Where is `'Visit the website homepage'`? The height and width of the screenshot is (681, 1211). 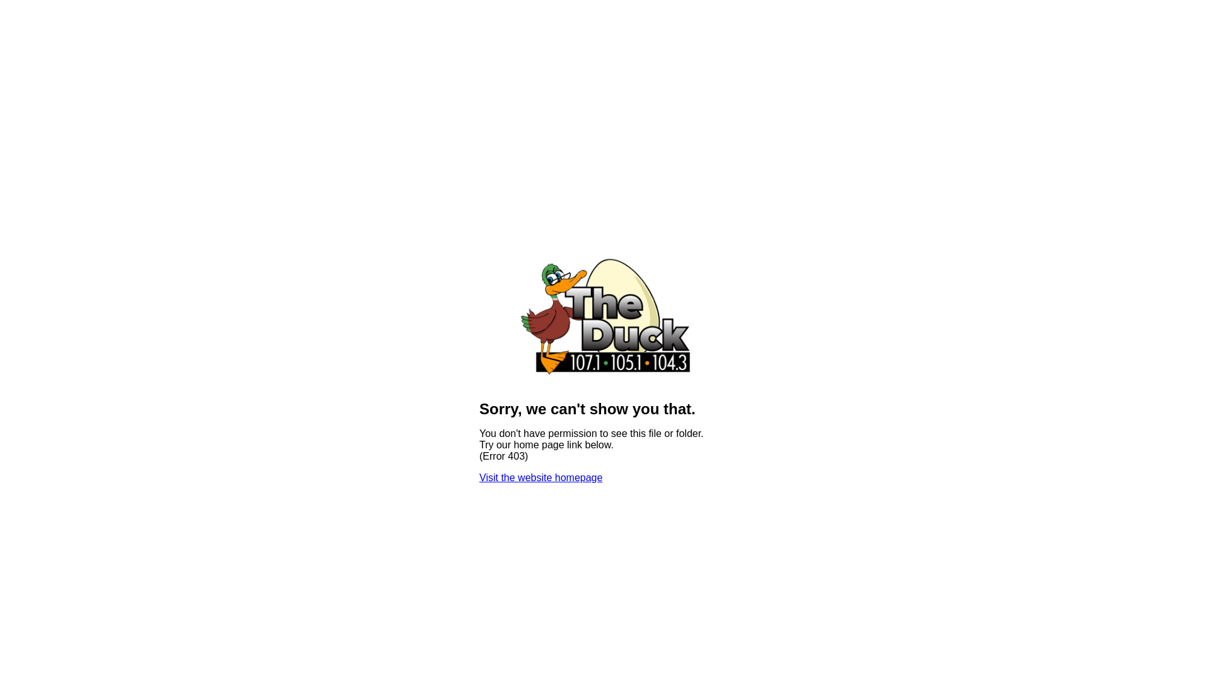
'Visit the website homepage' is located at coordinates (541, 477).